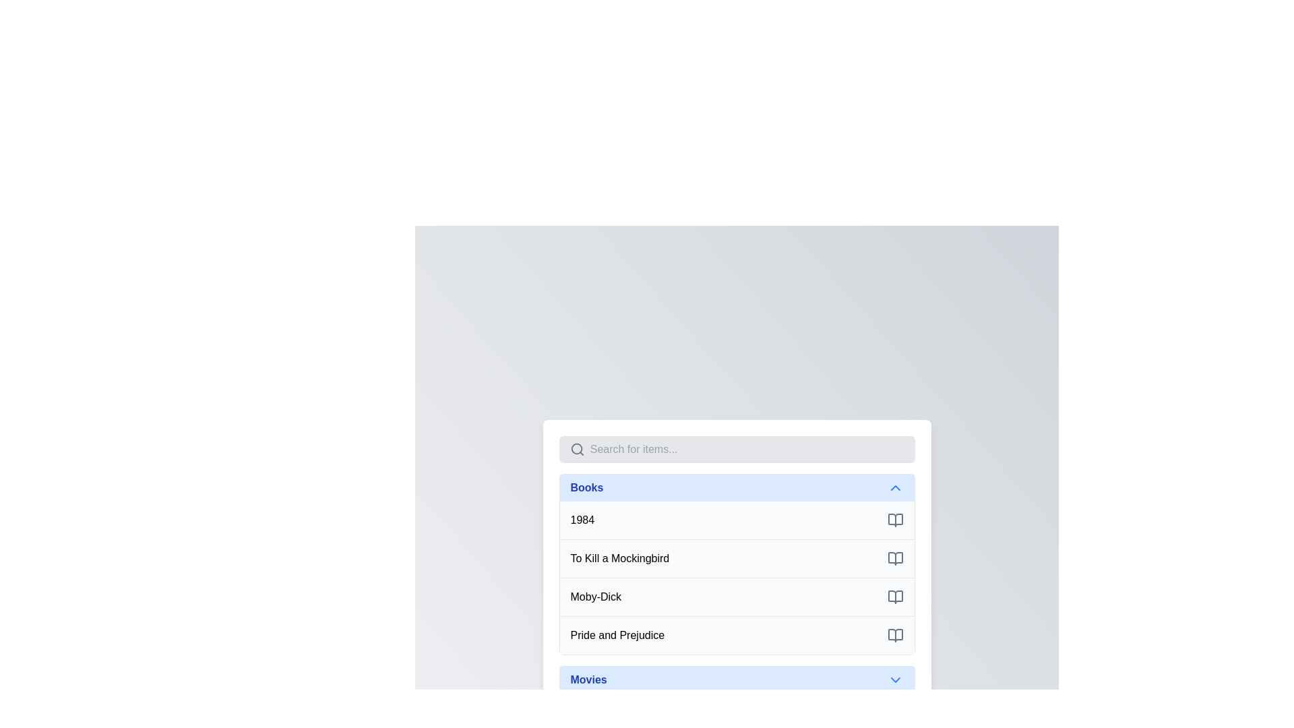 This screenshot has width=1294, height=728. What do you see at coordinates (895, 558) in the screenshot?
I see `the book icon that represents items in the 'Books' section, located to the right of 'To Kill a Mockingbird.'` at bounding box center [895, 558].